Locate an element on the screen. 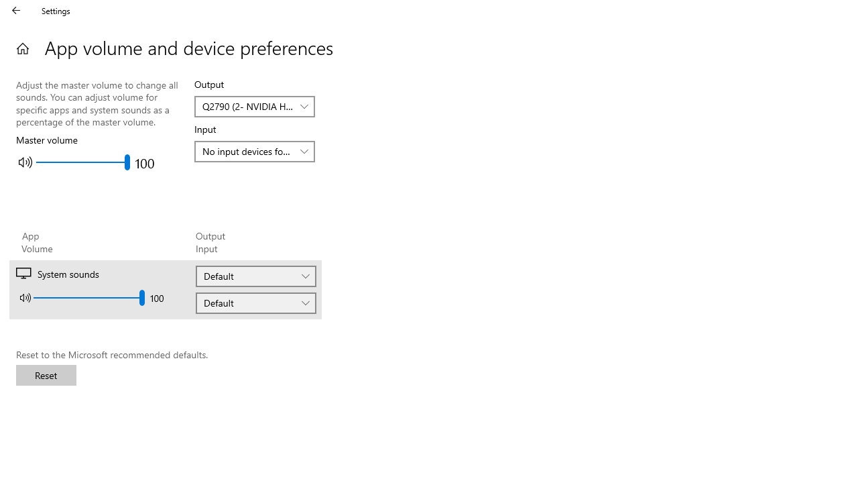  'Mute master volume' is located at coordinates (25, 162).